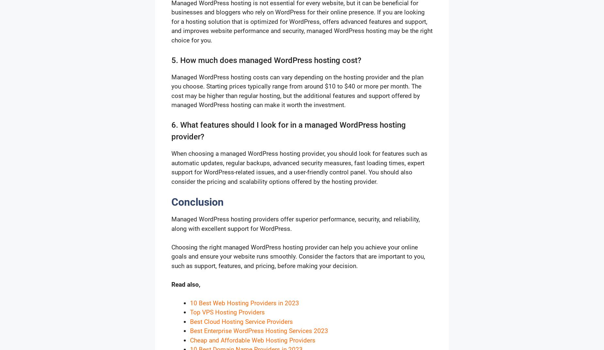 Image resolution: width=604 pixels, height=350 pixels. Describe the element at coordinates (295, 223) in the screenshot. I see `'Managed WordPress hosting providers offer superior performance, security, and reliability, along with excellent support for WordPress.'` at that location.